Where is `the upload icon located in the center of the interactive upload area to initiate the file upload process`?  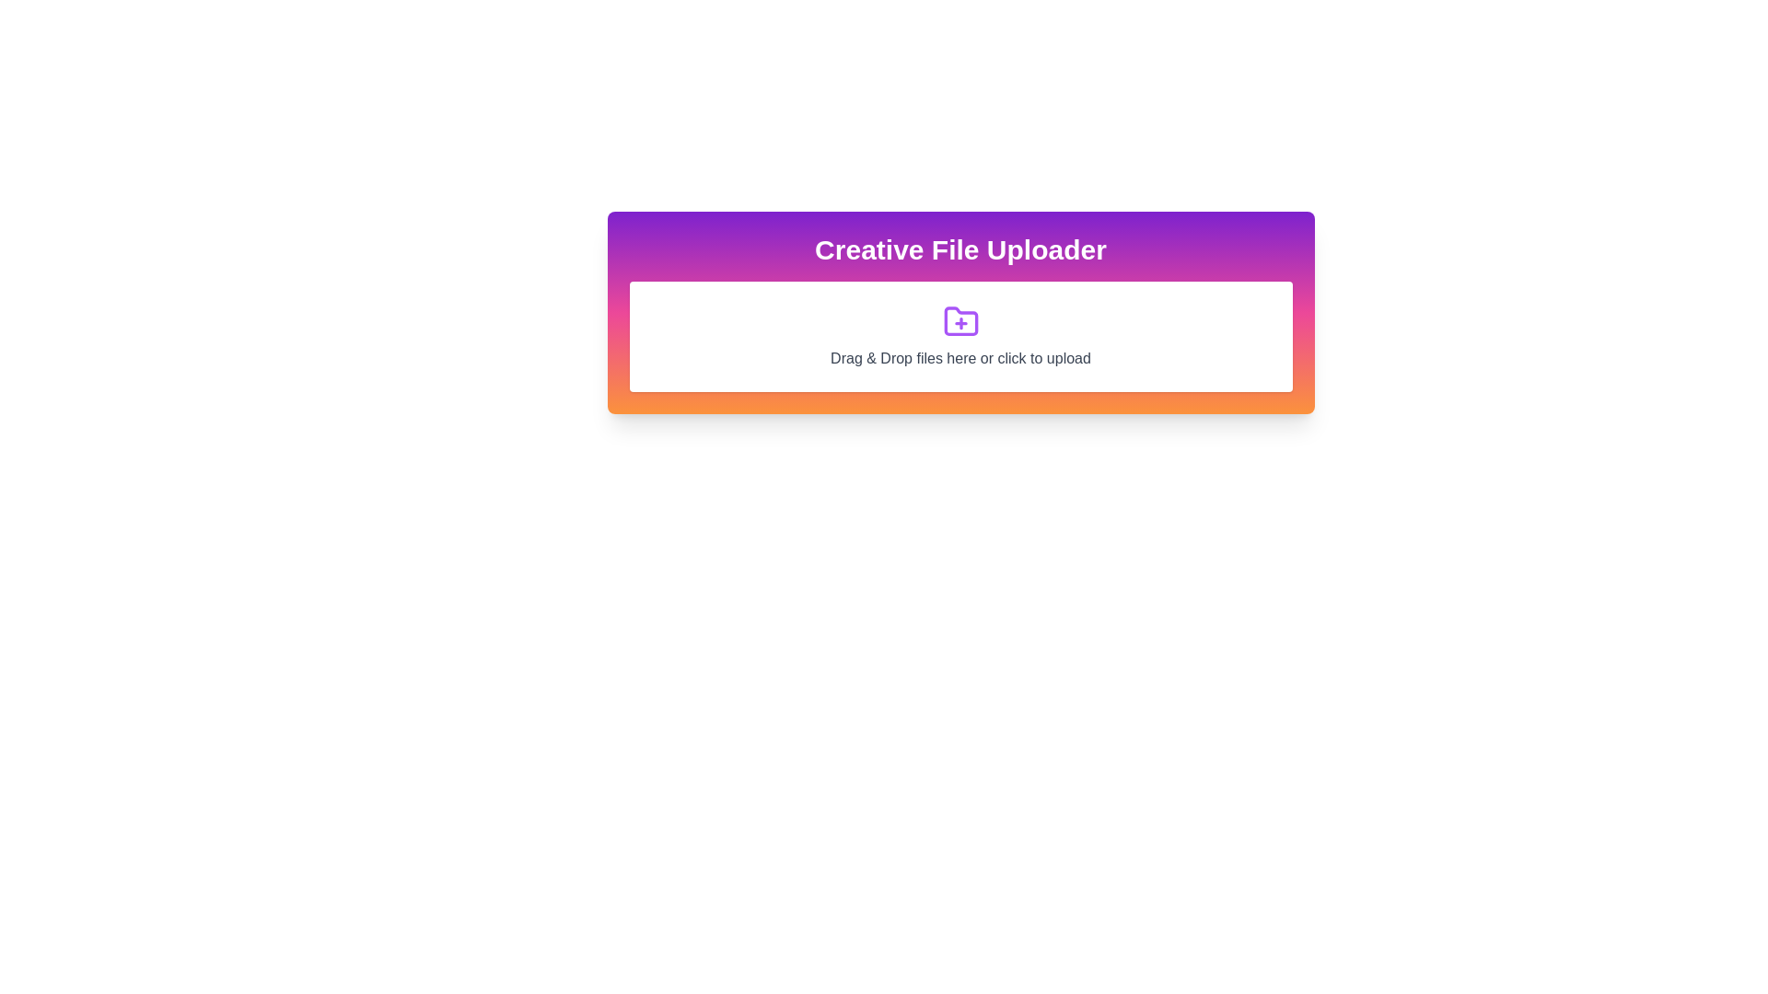
the upload icon located in the center of the interactive upload area to initiate the file upload process is located at coordinates (960, 321).